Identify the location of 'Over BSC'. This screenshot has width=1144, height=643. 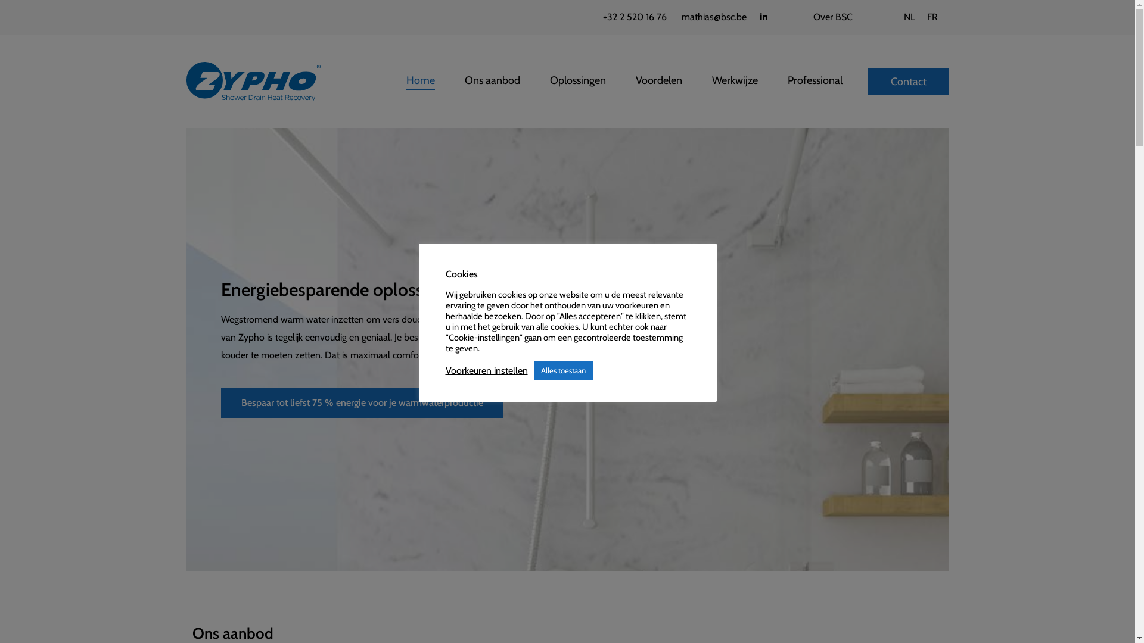
(832, 17).